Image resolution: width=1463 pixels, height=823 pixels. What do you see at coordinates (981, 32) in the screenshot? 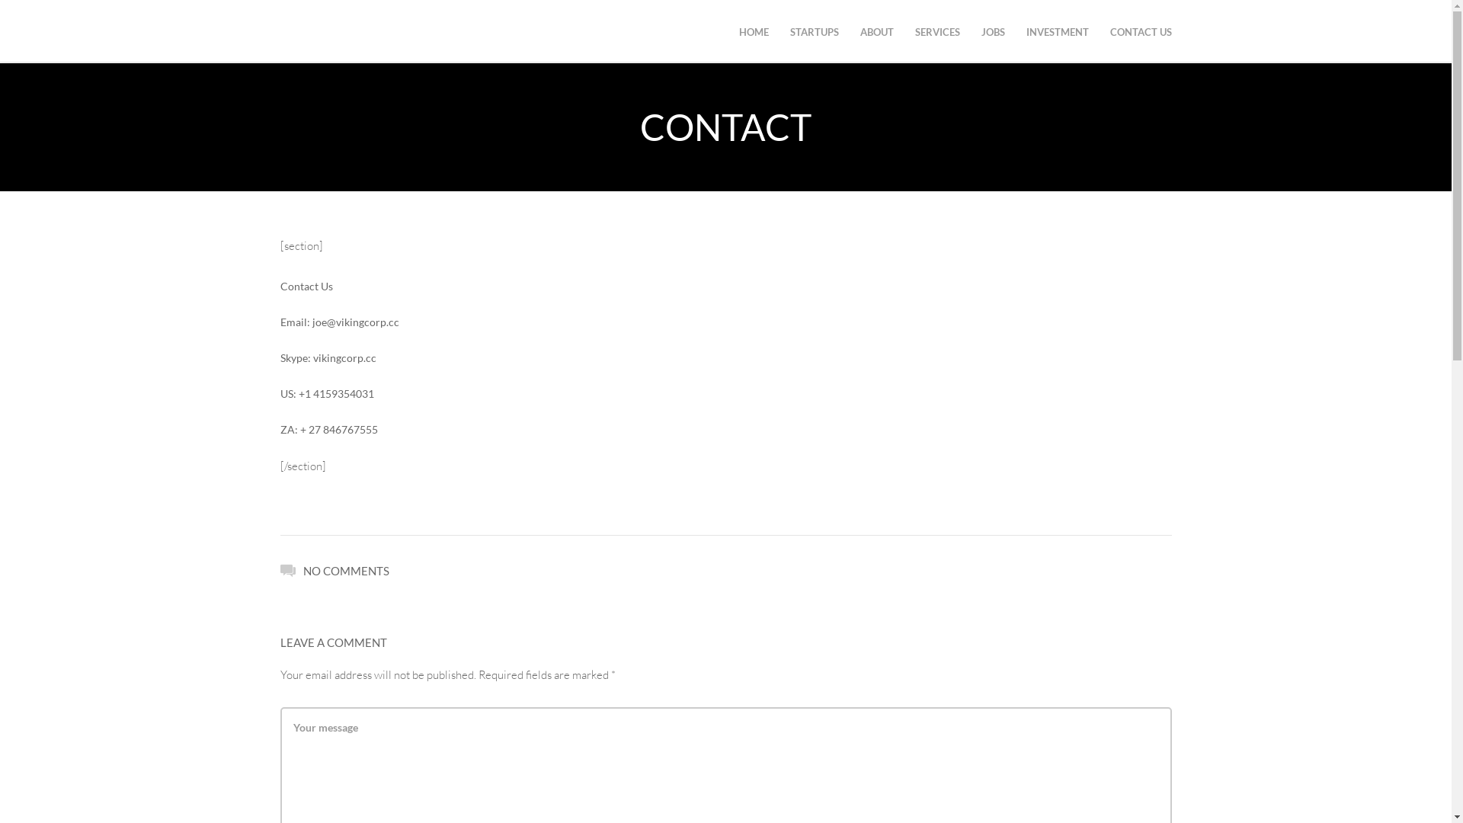
I see `'JOBS'` at bounding box center [981, 32].